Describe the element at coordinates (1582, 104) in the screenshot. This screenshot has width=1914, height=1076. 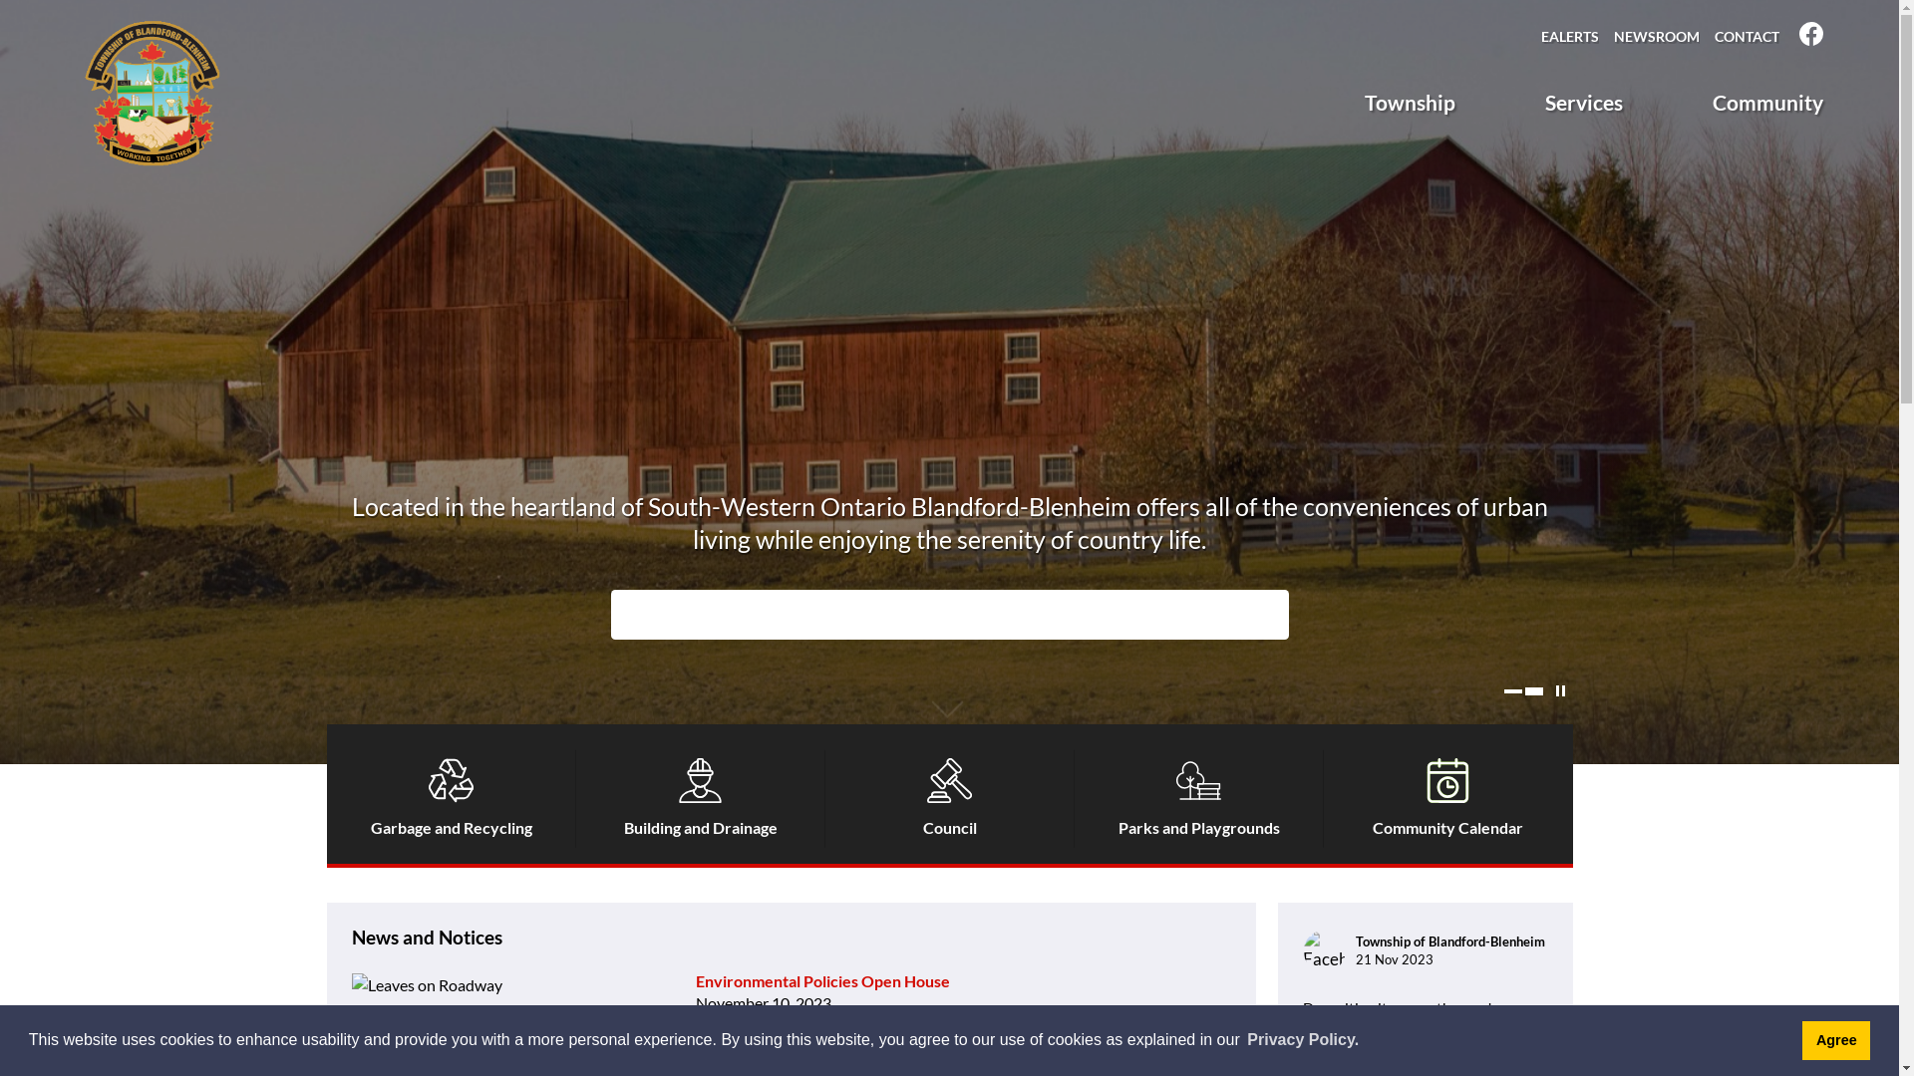
I see `'Services'` at that location.